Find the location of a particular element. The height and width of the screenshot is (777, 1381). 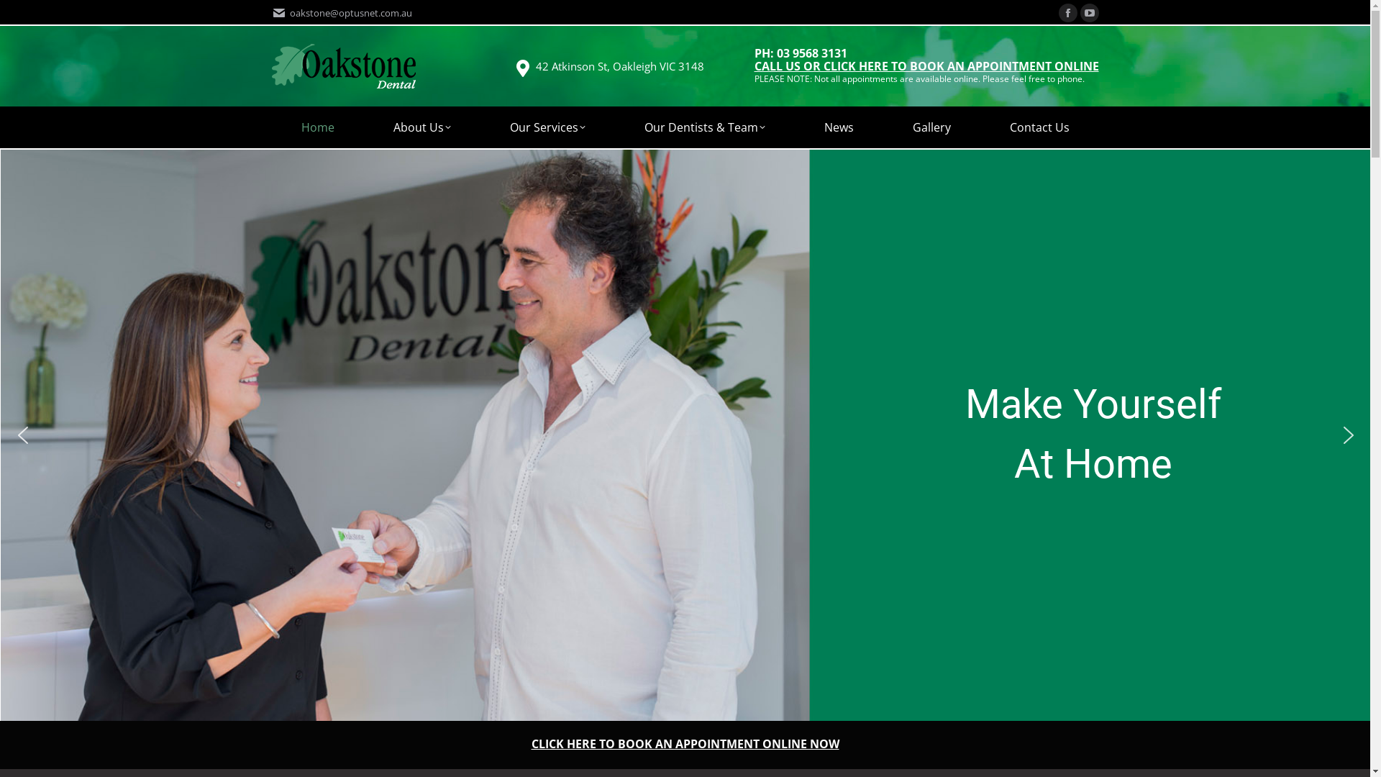

'YouTube page opens in new window' is located at coordinates (1090, 13).